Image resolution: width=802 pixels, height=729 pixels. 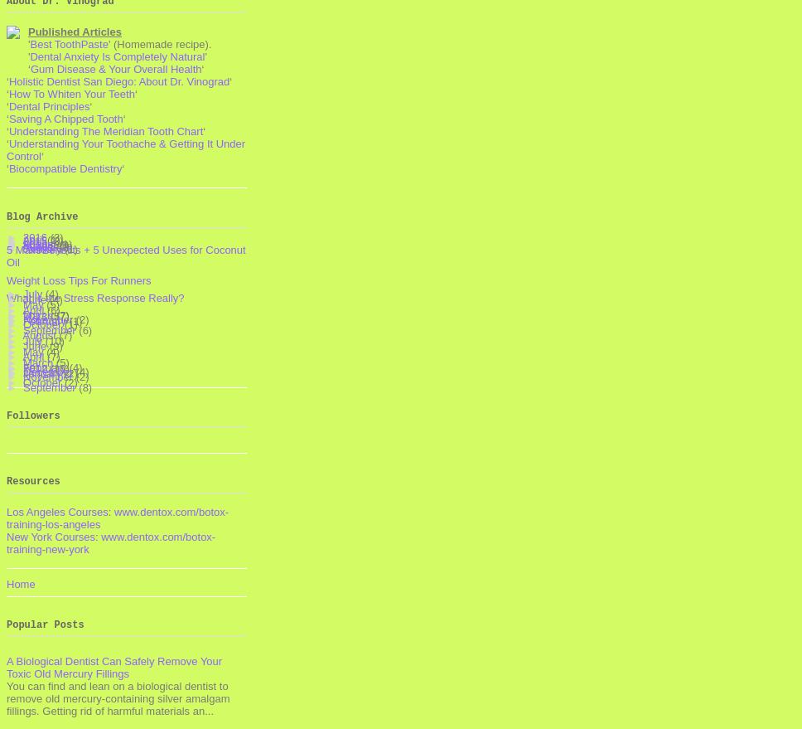 What do you see at coordinates (22, 244) in the screenshot?
I see `'2014'` at bounding box center [22, 244].